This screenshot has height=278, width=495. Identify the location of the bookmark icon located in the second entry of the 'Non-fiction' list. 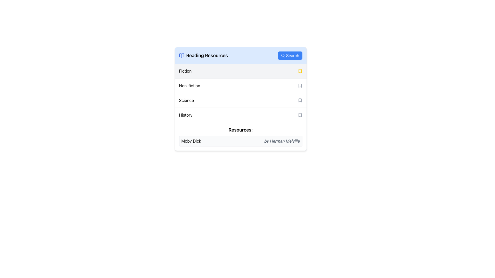
(300, 85).